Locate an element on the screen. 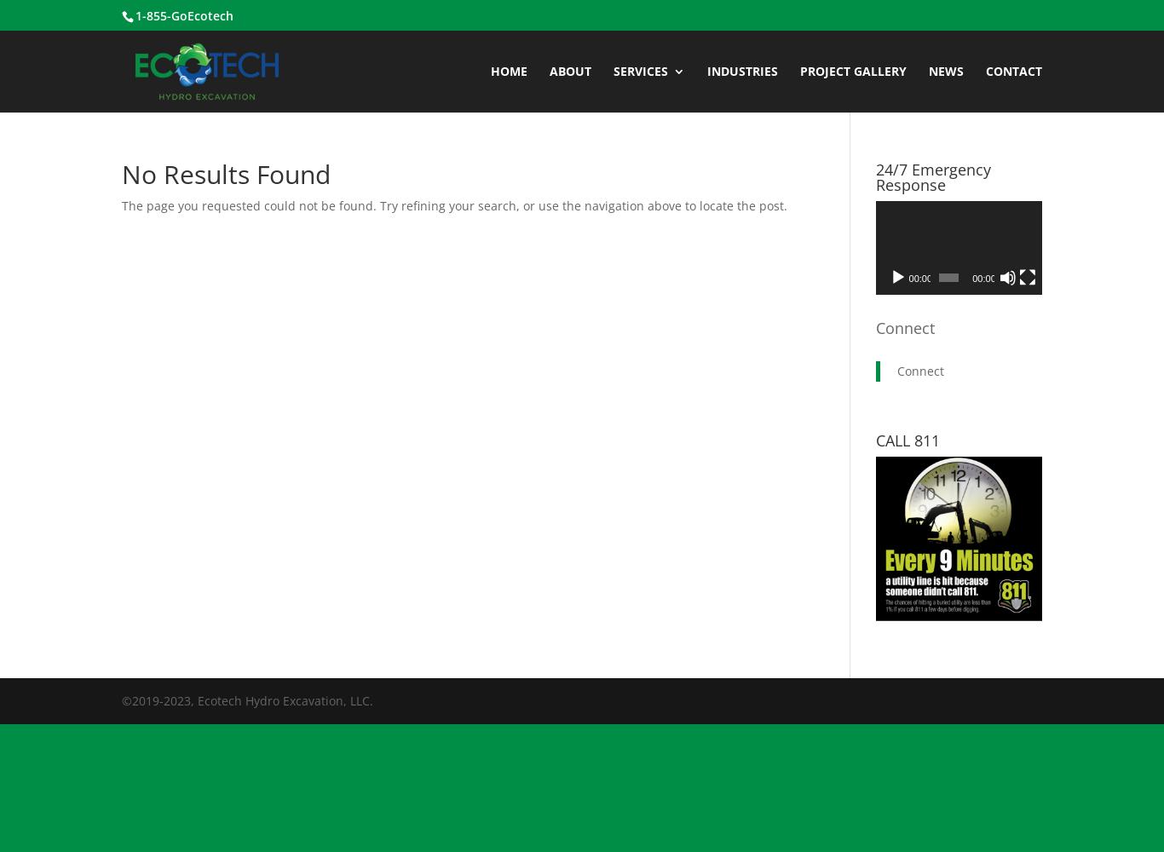 The width and height of the screenshot is (1164, 852). 'Air Excavation' is located at coordinates (902, 181).